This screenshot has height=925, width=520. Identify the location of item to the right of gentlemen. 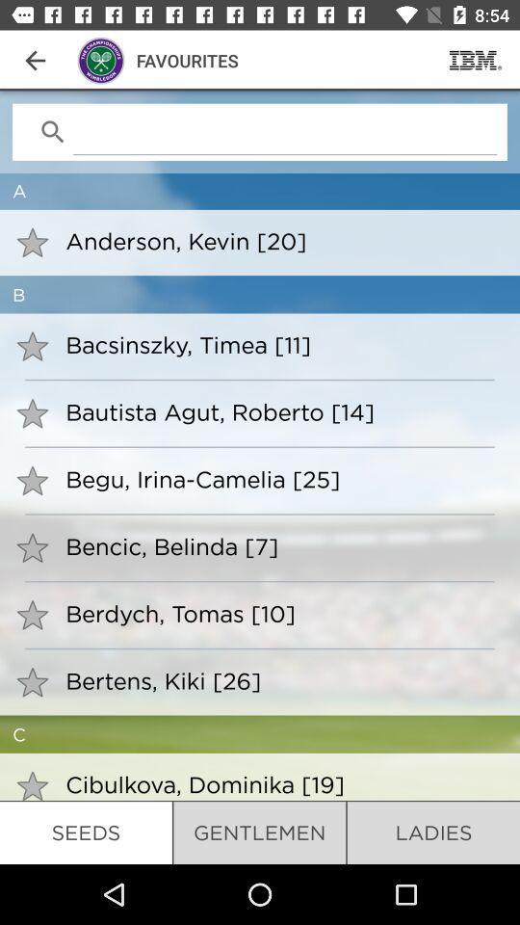
(433, 832).